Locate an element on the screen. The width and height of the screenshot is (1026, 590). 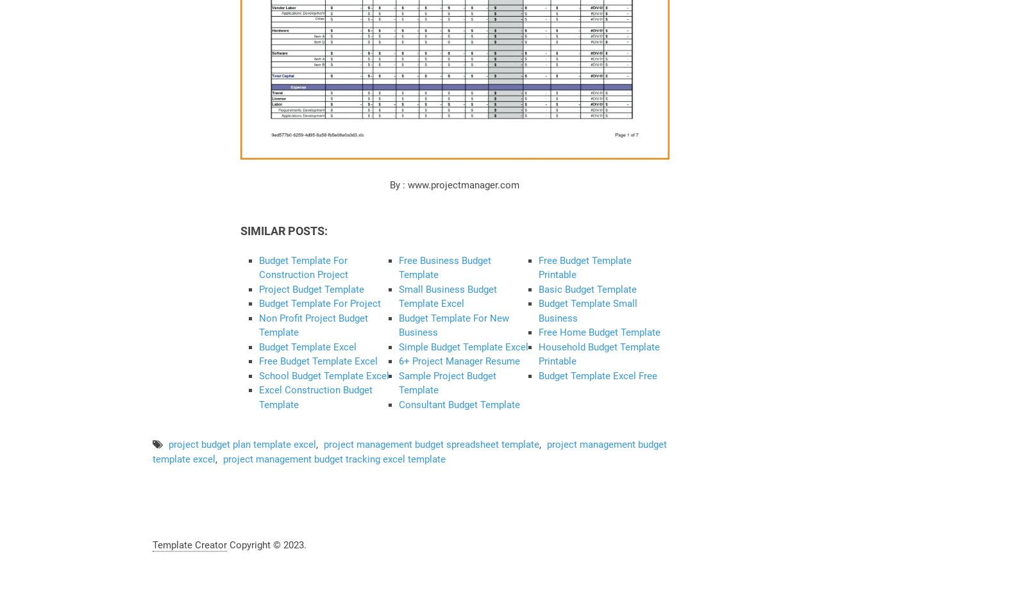
'Budget Template Excel Free' is located at coordinates (538, 375).